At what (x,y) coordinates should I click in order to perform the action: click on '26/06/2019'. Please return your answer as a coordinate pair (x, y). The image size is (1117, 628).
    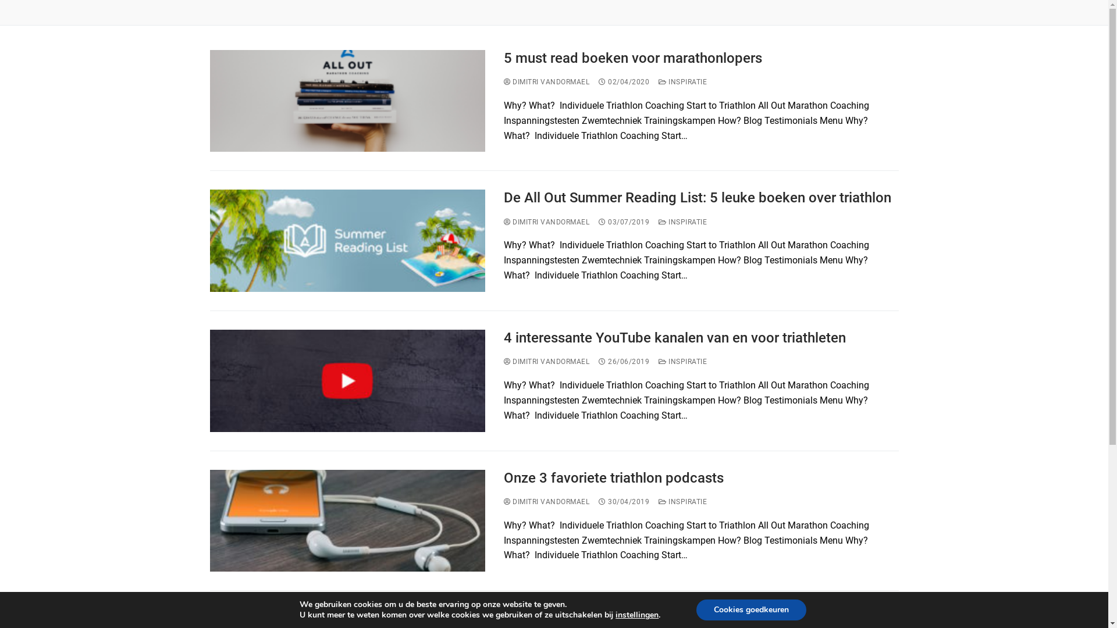
    Looking at the image, I should click on (623, 361).